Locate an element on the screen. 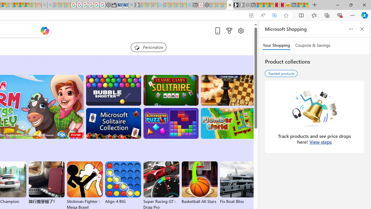 Image resolution: width=371 pixels, height=209 pixels. 'Classic Solitaire' is located at coordinates (170, 90).